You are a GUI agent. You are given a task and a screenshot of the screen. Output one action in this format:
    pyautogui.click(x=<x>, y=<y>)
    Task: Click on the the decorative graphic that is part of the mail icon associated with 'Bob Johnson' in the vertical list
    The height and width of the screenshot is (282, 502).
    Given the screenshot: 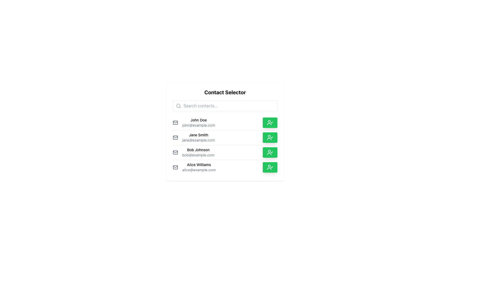 What is the action you would take?
    pyautogui.click(x=175, y=152)
    